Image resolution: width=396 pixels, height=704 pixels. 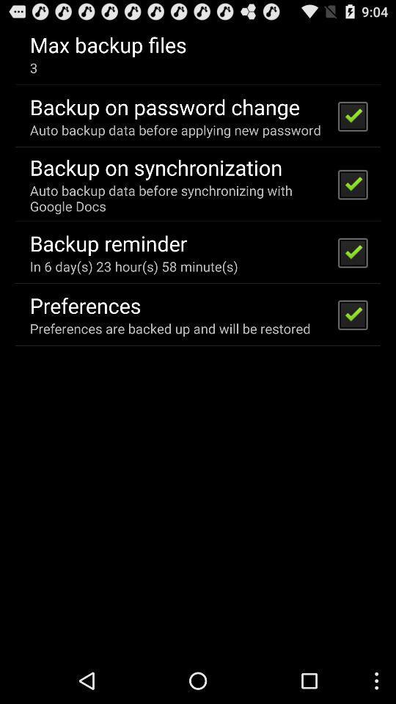 What do you see at coordinates (169, 329) in the screenshot?
I see `the preferences are backed icon` at bounding box center [169, 329].